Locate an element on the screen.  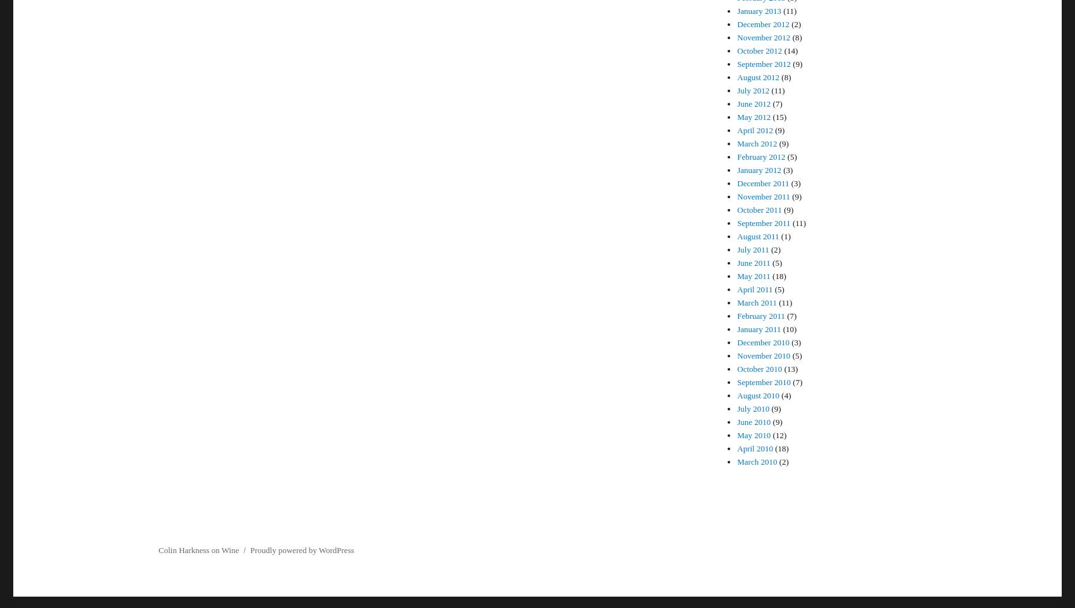
'June 2012' is located at coordinates (737, 104).